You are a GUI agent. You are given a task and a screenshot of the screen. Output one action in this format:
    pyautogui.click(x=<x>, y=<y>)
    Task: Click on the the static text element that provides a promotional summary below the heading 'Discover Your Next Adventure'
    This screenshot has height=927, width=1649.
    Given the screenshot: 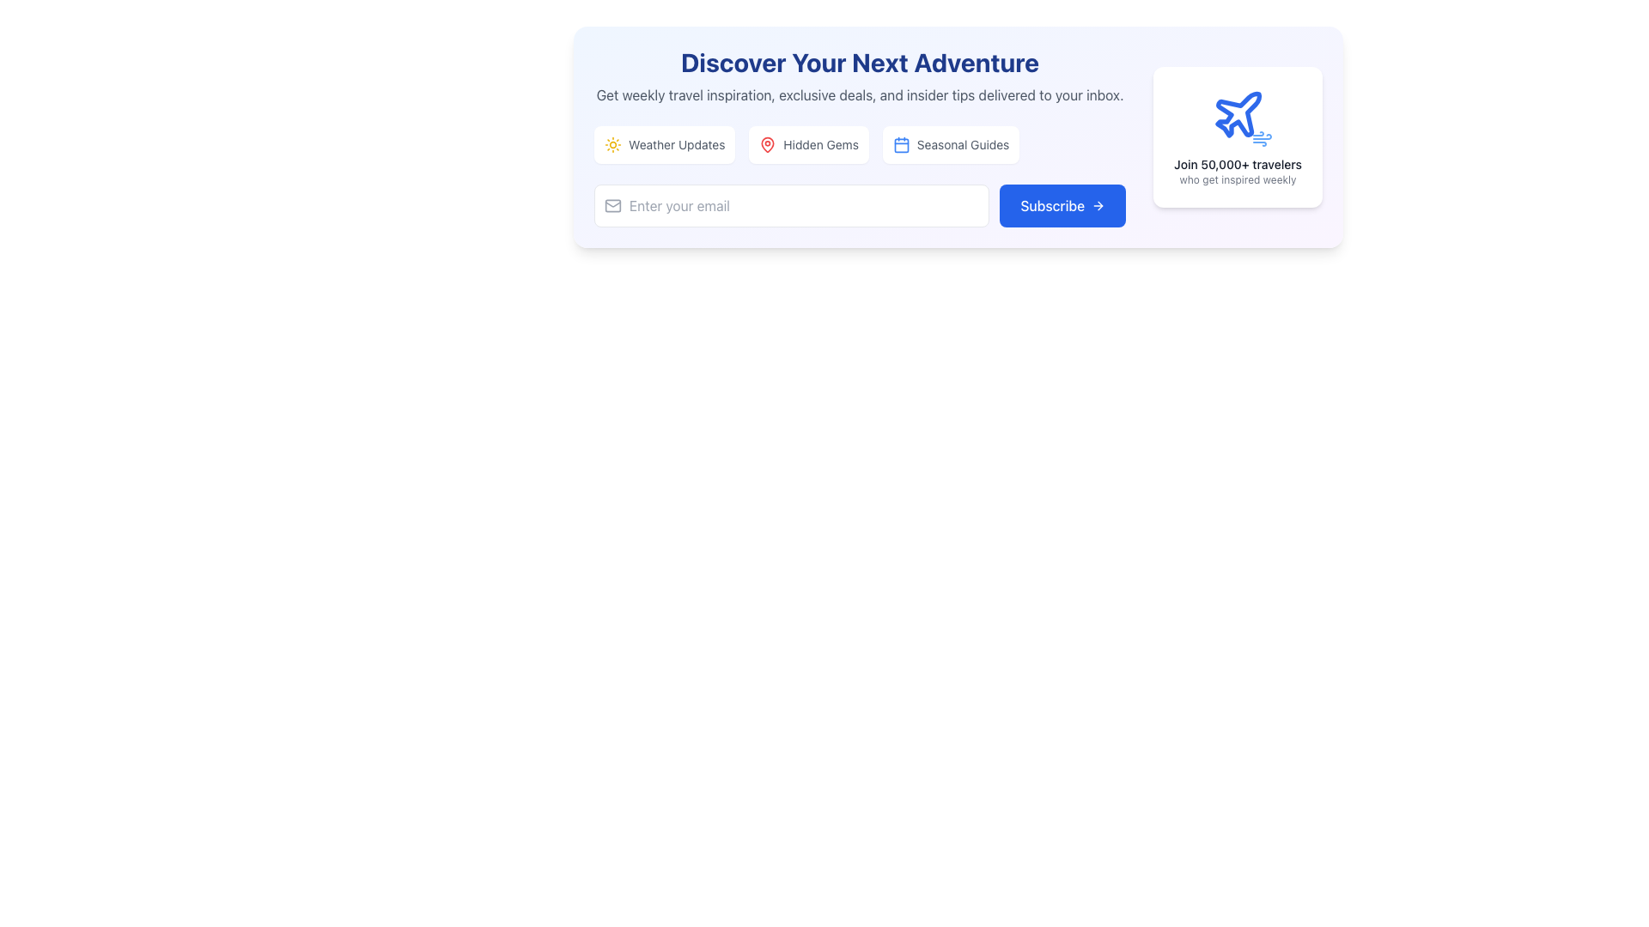 What is the action you would take?
    pyautogui.click(x=860, y=95)
    